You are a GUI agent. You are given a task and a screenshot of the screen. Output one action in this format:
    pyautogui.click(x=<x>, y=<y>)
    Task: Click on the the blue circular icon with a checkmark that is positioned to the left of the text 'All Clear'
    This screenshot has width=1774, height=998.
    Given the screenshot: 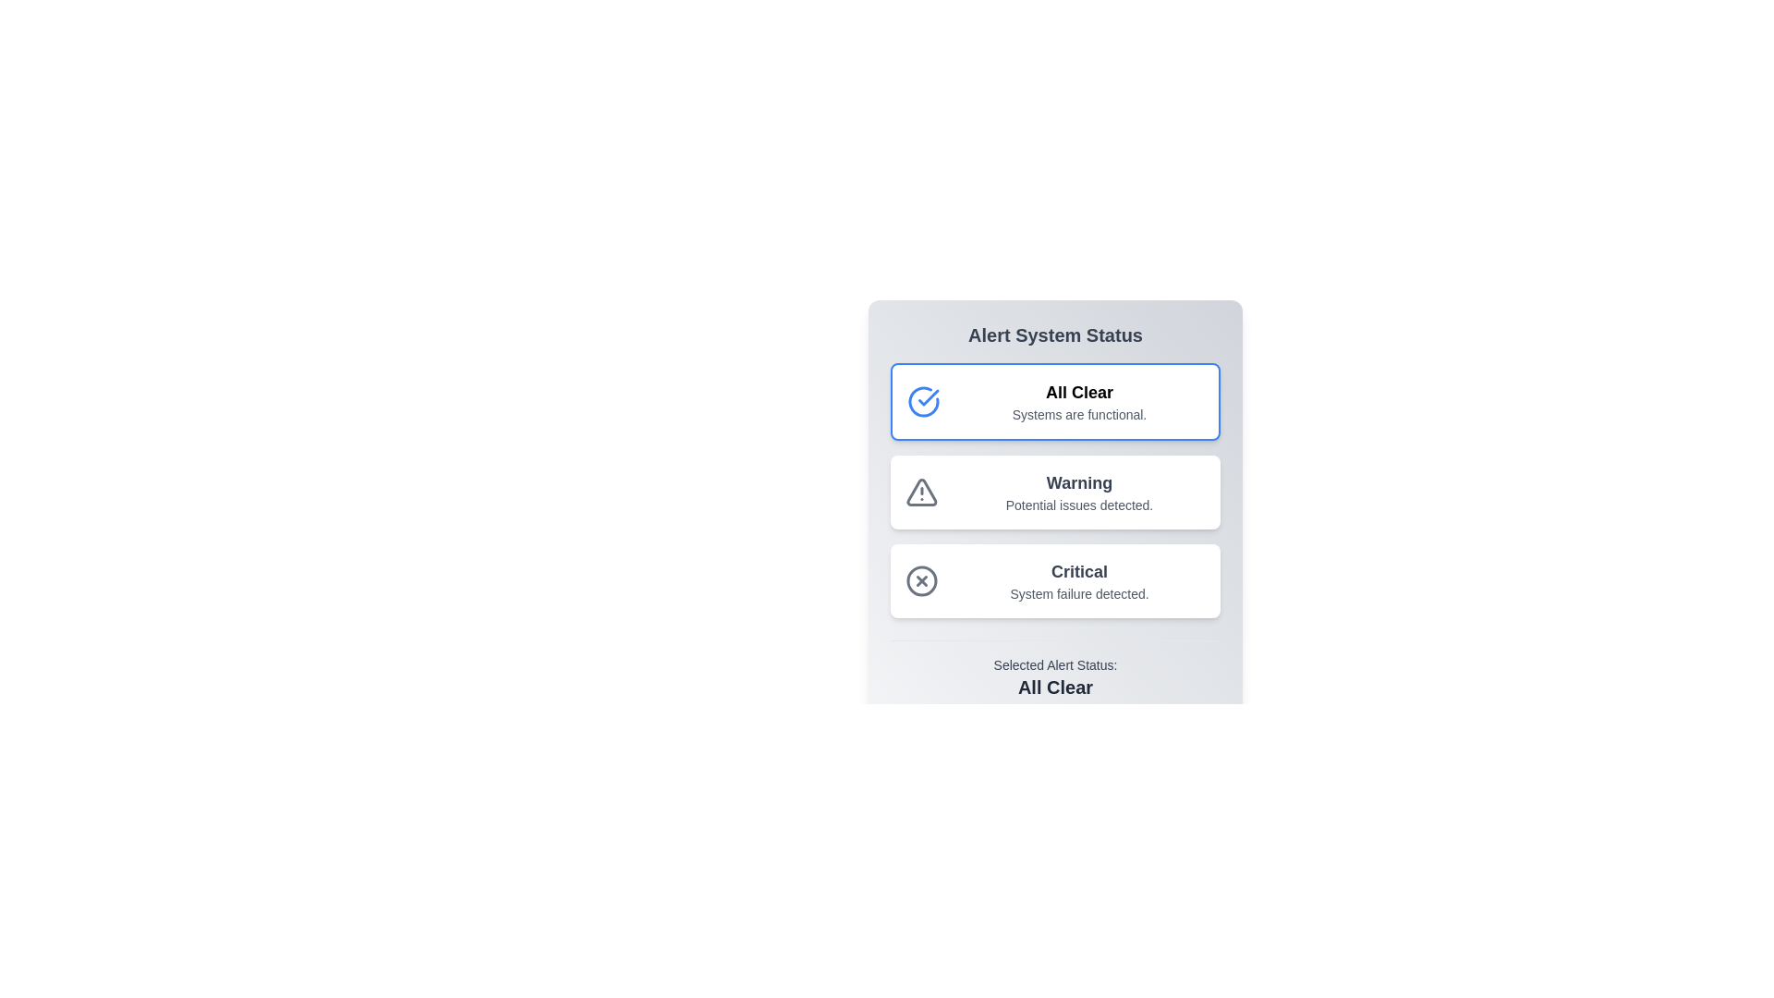 What is the action you would take?
    pyautogui.click(x=923, y=401)
    